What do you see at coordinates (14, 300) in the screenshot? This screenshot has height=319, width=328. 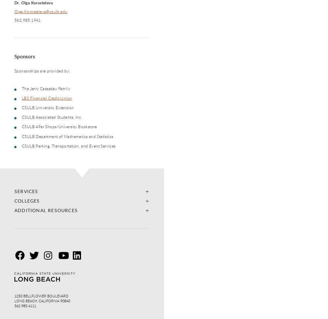 I see `'LONG BEACH, CALIFORNIA 90840'` at bounding box center [14, 300].